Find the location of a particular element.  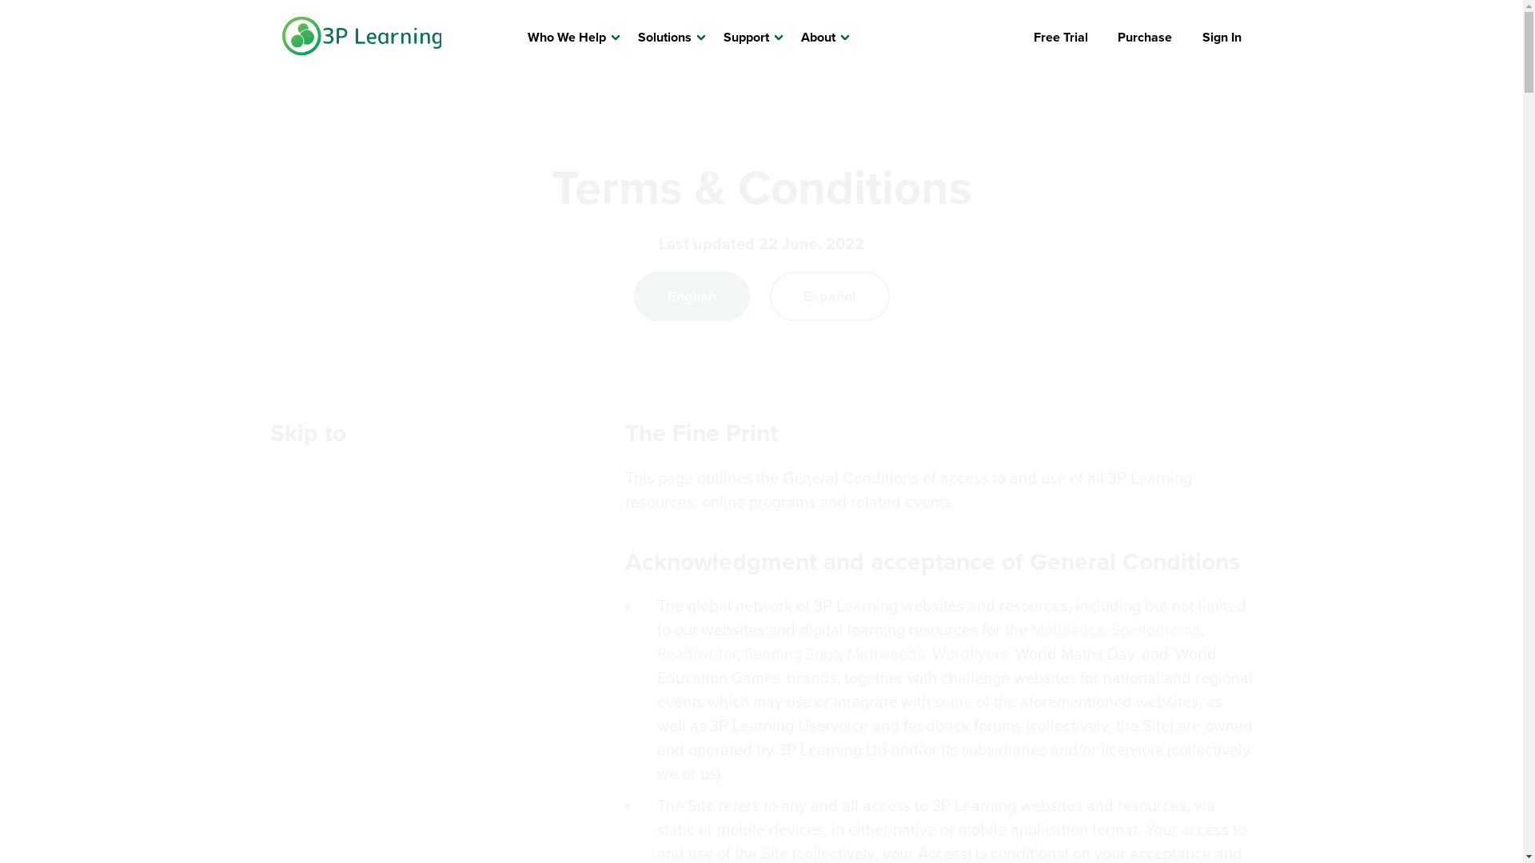

'Solutions' is located at coordinates (664, 36).